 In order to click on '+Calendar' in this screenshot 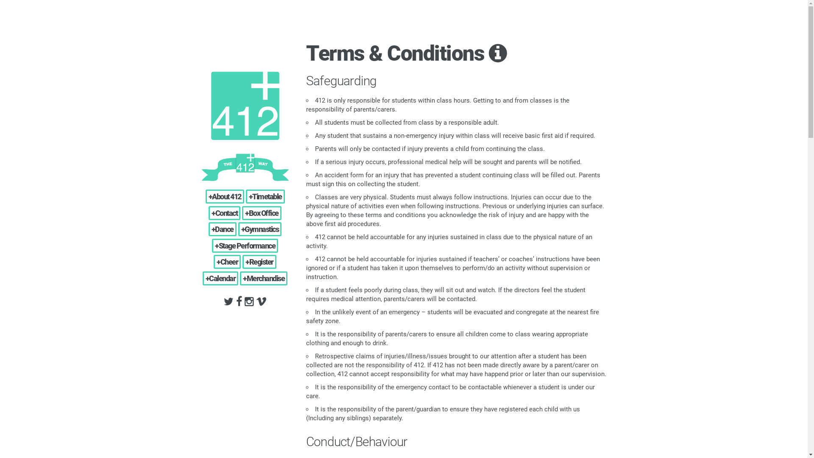, I will do `click(220, 278)`.